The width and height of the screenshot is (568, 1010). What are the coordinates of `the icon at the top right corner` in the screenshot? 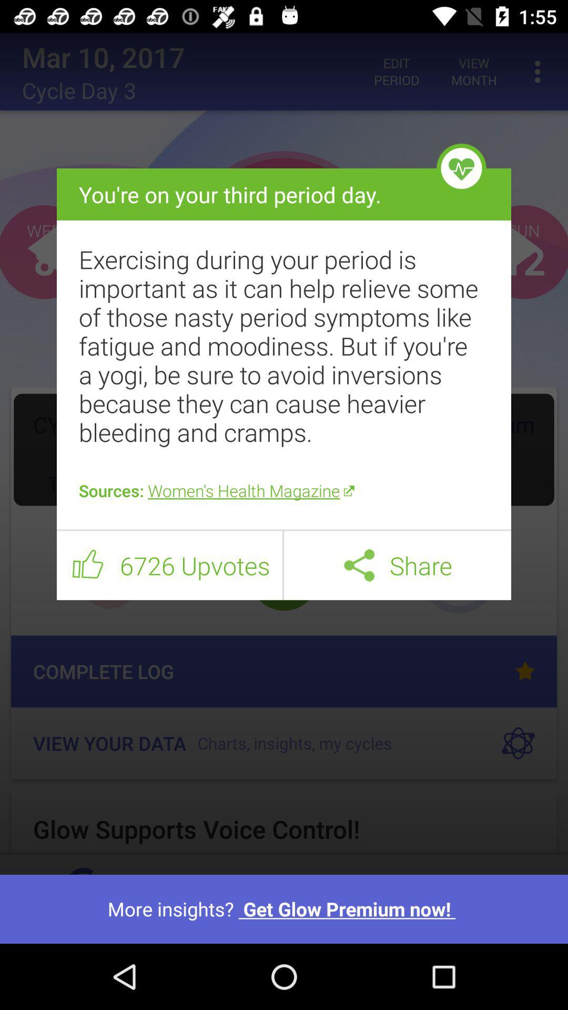 It's located at (461, 168).